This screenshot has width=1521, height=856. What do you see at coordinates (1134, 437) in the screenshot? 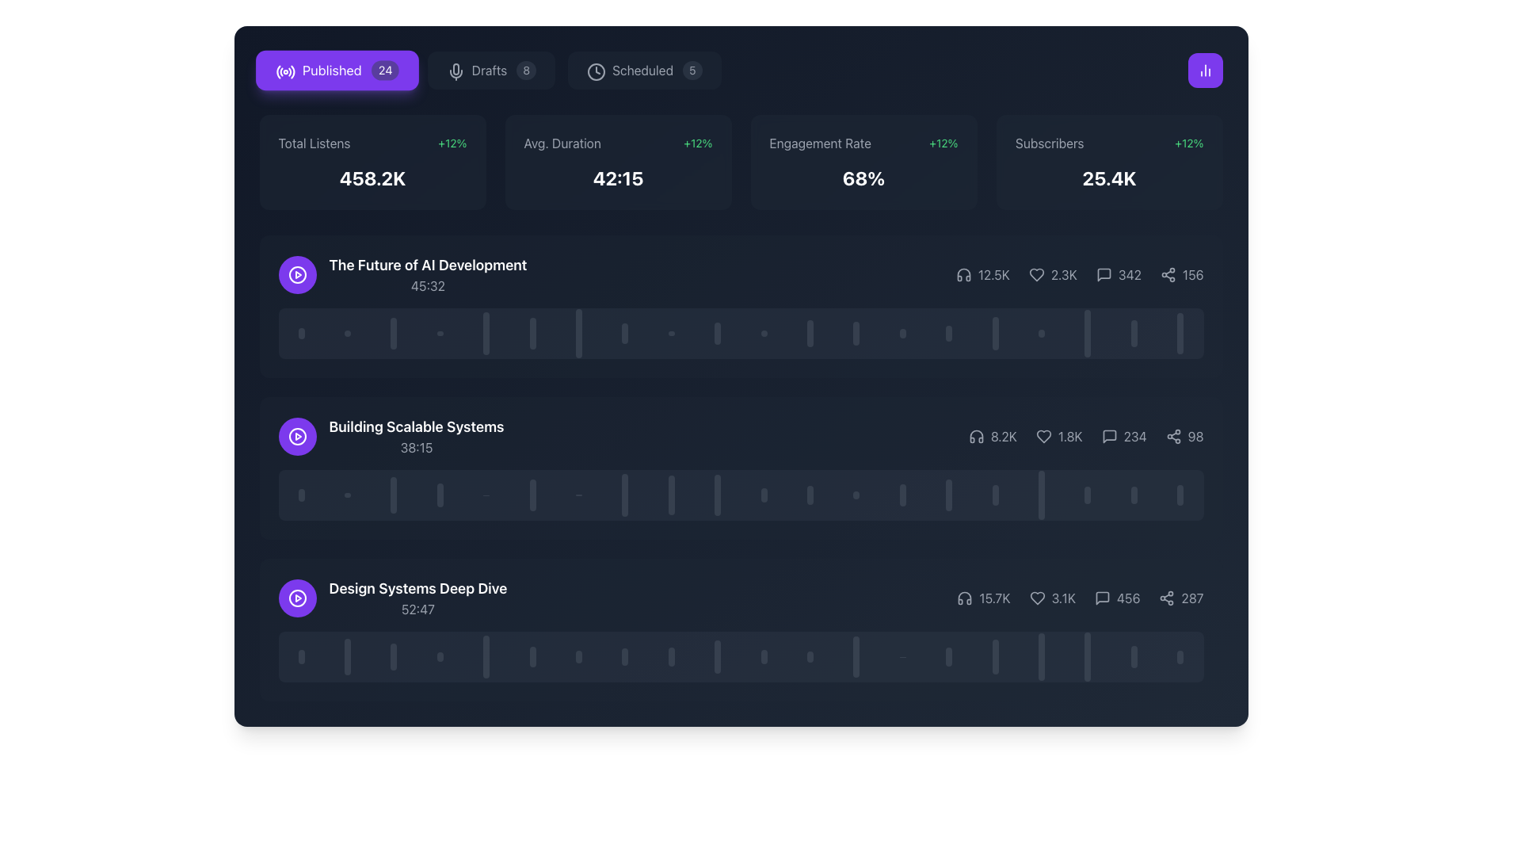
I see `the numeric text display showing '234' located at the bottom-right of the middle panel next to the speech bubble icon, to check for interactive functionalities` at bounding box center [1134, 437].